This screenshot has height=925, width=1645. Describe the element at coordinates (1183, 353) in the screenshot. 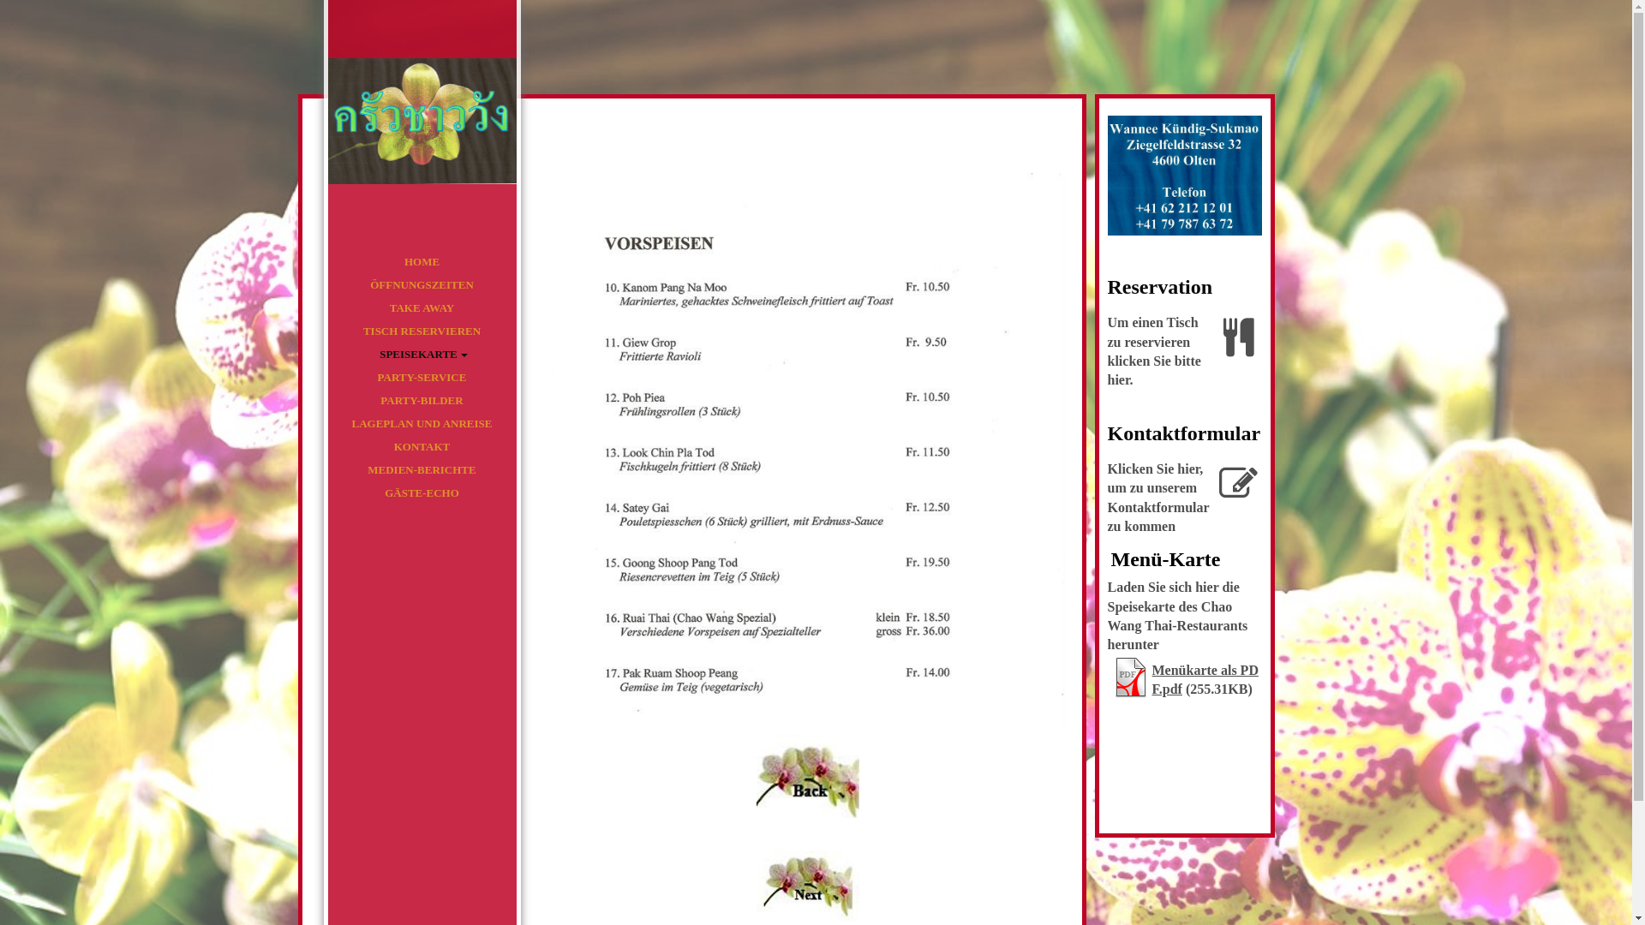

I see `'Um einen Tisch zu reservieren klicken Sie bitte hier.'` at that location.